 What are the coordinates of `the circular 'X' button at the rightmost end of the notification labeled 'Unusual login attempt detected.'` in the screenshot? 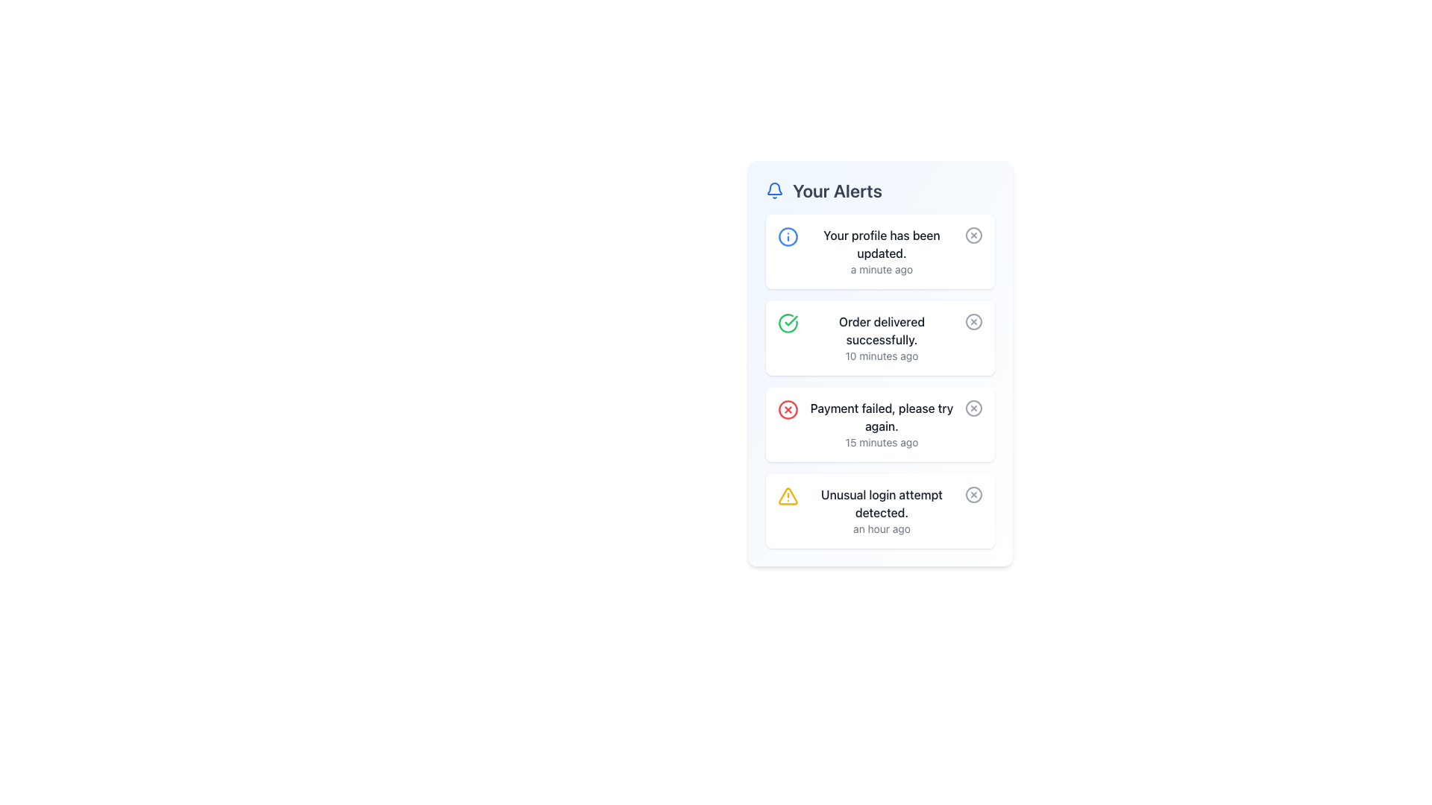 It's located at (973, 494).